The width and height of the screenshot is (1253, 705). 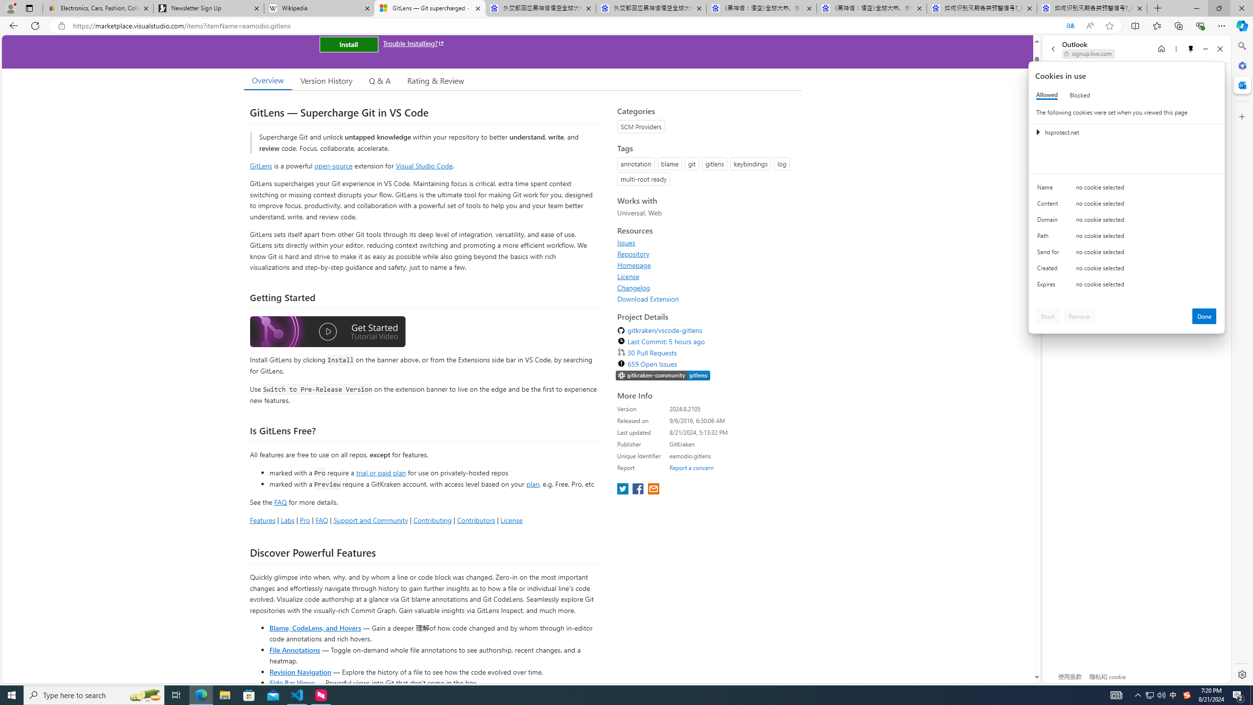 What do you see at coordinates (1049, 286) in the screenshot?
I see `'Expires'` at bounding box center [1049, 286].